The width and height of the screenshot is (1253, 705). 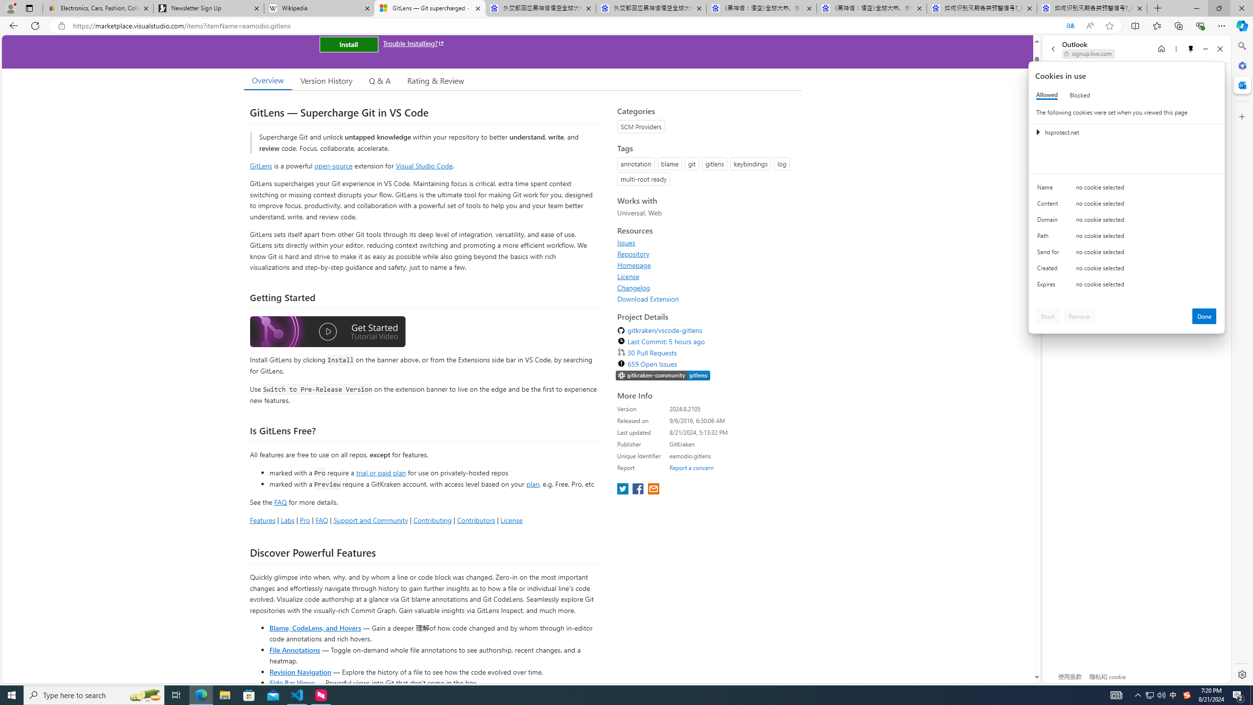 What do you see at coordinates (1049, 286) in the screenshot?
I see `'Expires'` at bounding box center [1049, 286].